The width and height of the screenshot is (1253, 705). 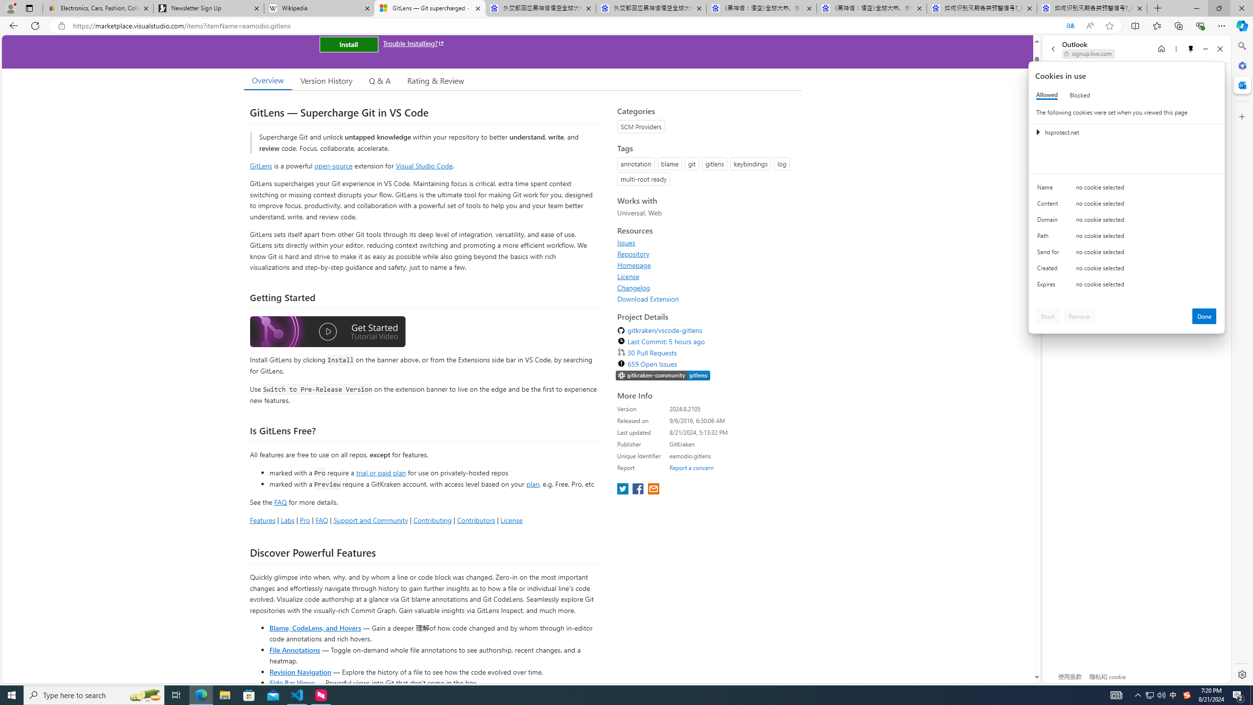 What do you see at coordinates (1049, 286) in the screenshot?
I see `'Expires'` at bounding box center [1049, 286].